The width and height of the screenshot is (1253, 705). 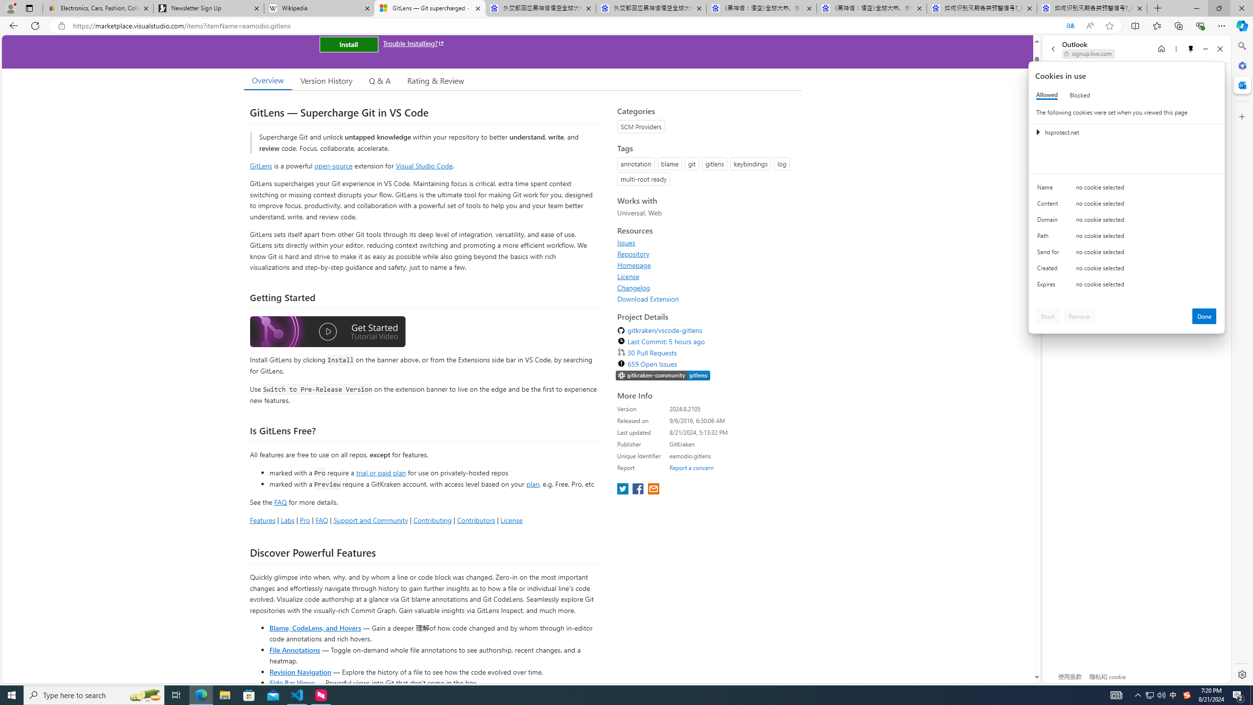 What do you see at coordinates (1049, 286) in the screenshot?
I see `'Expires'` at bounding box center [1049, 286].